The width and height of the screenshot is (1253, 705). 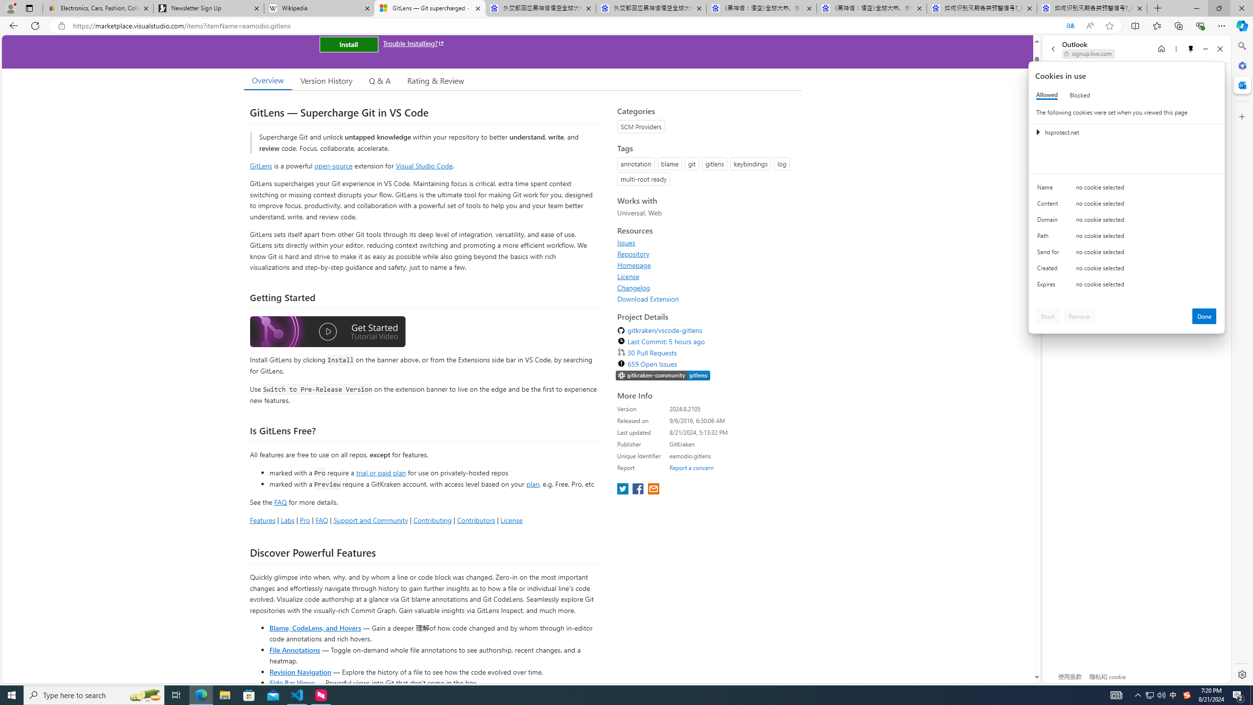 What do you see at coordinates (1049, 286) in the screenshot?
I see `'Expires'` at bounding box center [1049, 286].